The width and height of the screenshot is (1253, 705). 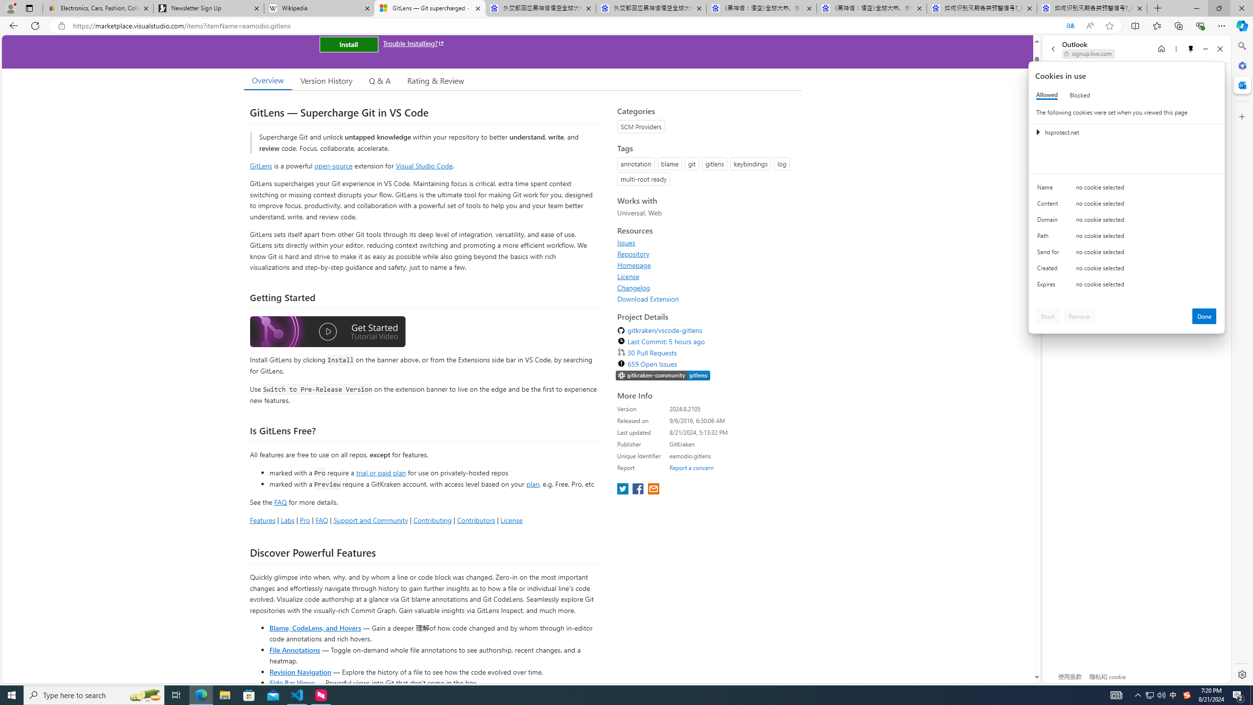 What do you see at coordinates (1049, 286) in the screenshot?
I see `'Expires'` at bounding box center [1049, 286].